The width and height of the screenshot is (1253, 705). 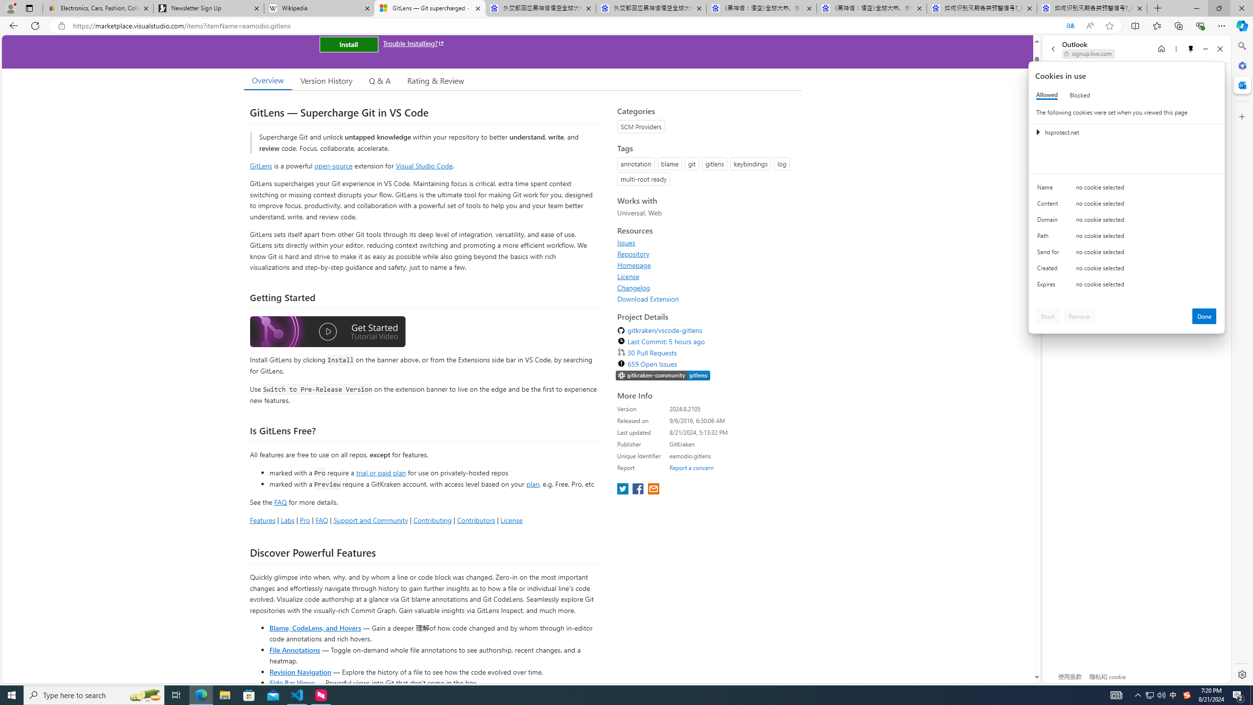 What do you see at coordinates (1049, 286) in the screenshot?
I see `'Expires'` at bounding box center [1049, 286].